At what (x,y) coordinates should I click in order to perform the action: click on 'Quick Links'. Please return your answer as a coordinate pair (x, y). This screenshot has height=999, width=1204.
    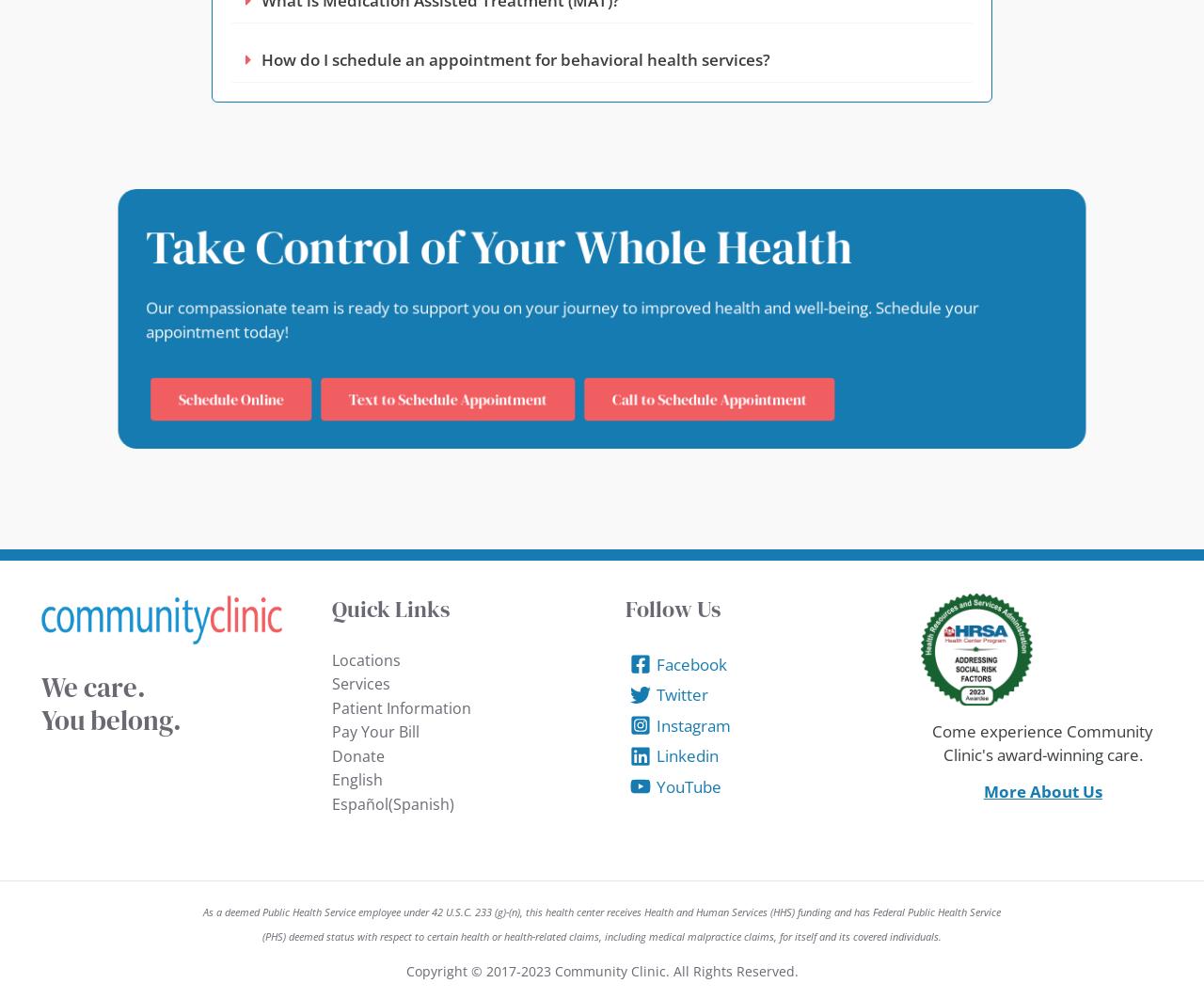
    Looking at the image, I should click on (388, 608).